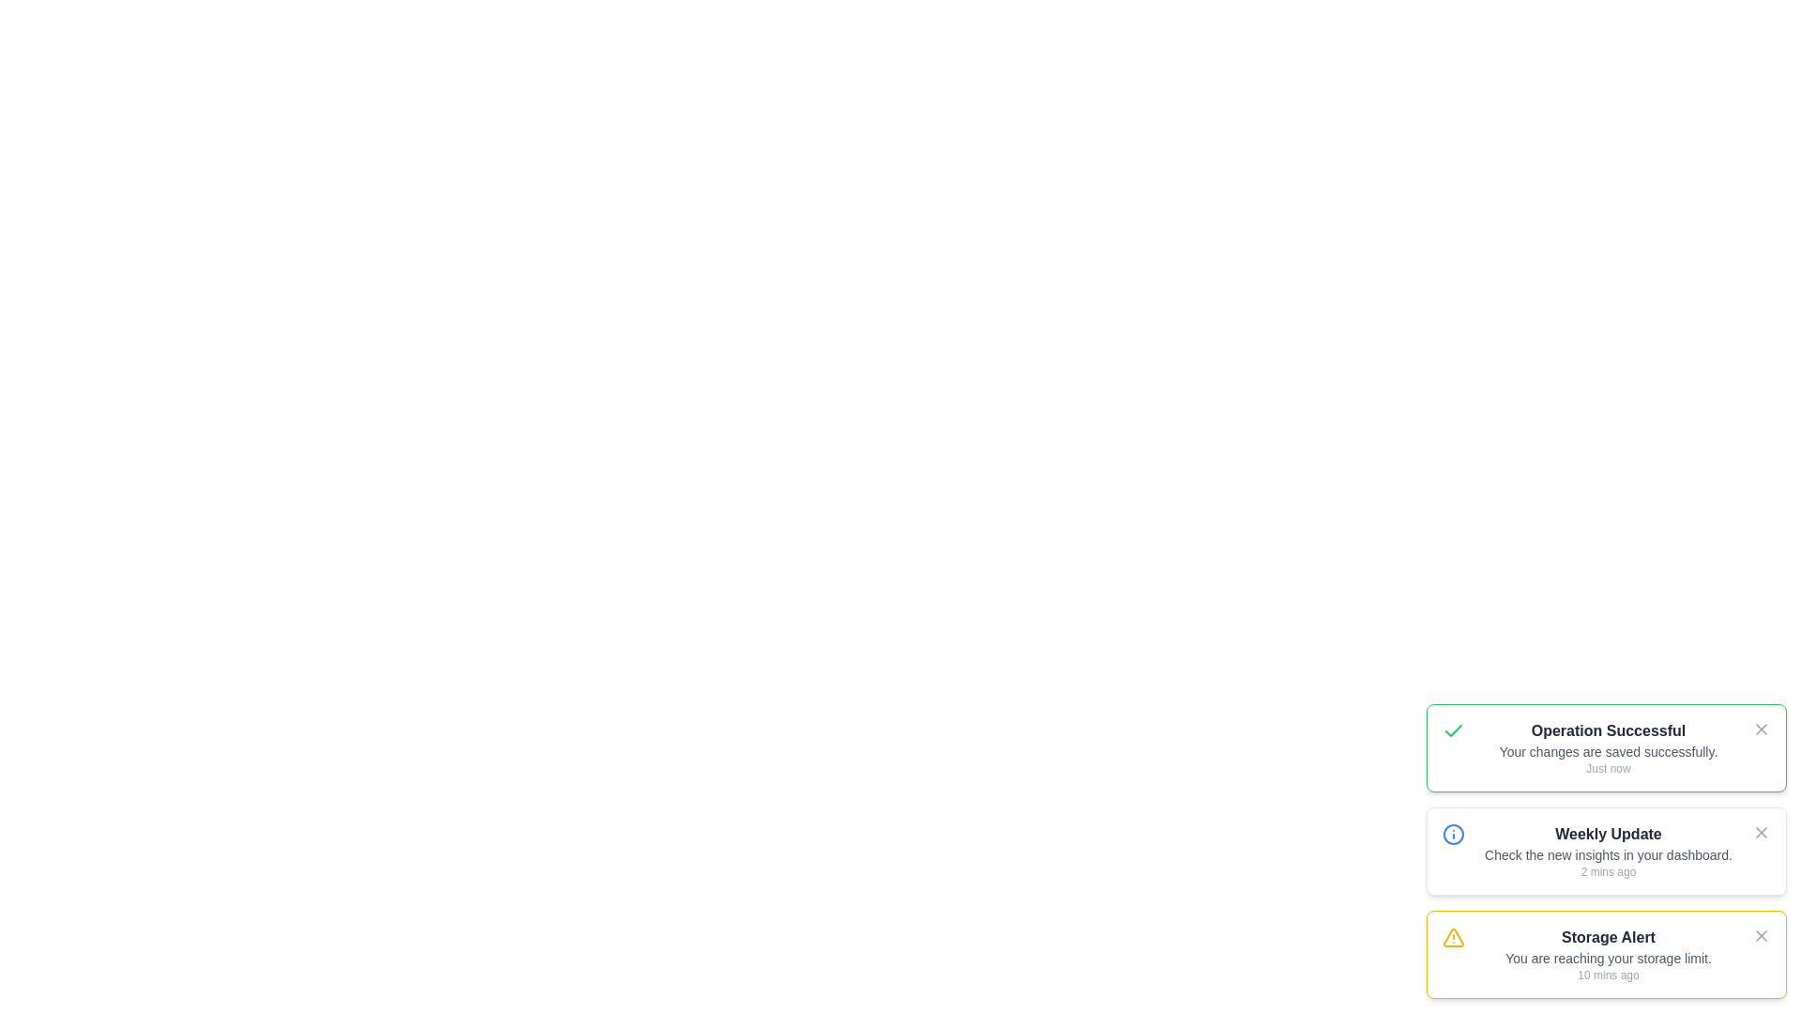 The width and height of the screenshot is (1802, 1014). What do you see at coordinates (1607, 854) in the screenshot?
I see `the text segment stating 'Check the new insights in your dashboard.' located in the notification box, positioned below 'Weekly Update' and above '2 mins ago'` at bounding box center [1607, 854].